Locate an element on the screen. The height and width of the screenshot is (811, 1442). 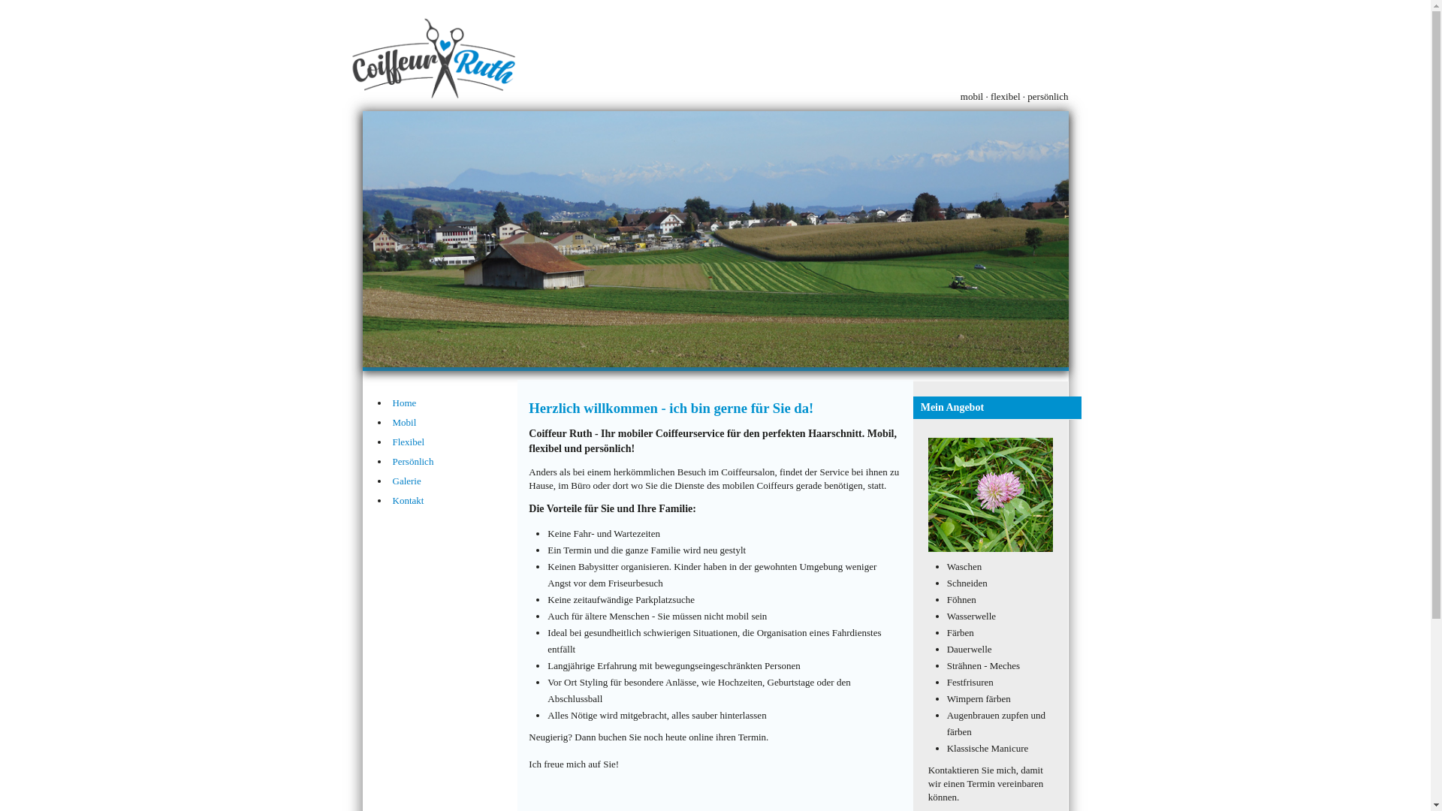
'Galerie' is located at coordinates (392, 481).